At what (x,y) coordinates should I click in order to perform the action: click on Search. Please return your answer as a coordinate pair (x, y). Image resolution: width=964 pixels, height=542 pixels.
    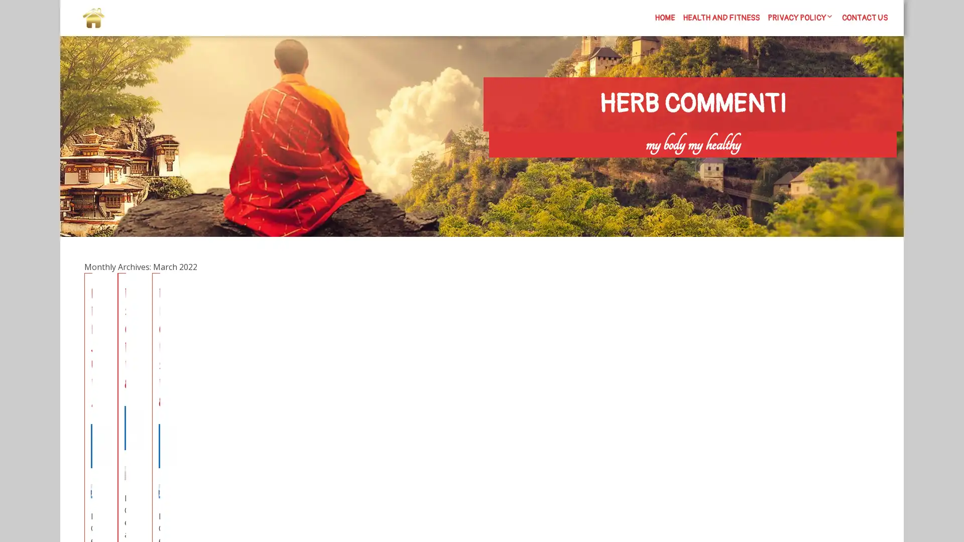
    Looking at the image, I should click on (782, 164).